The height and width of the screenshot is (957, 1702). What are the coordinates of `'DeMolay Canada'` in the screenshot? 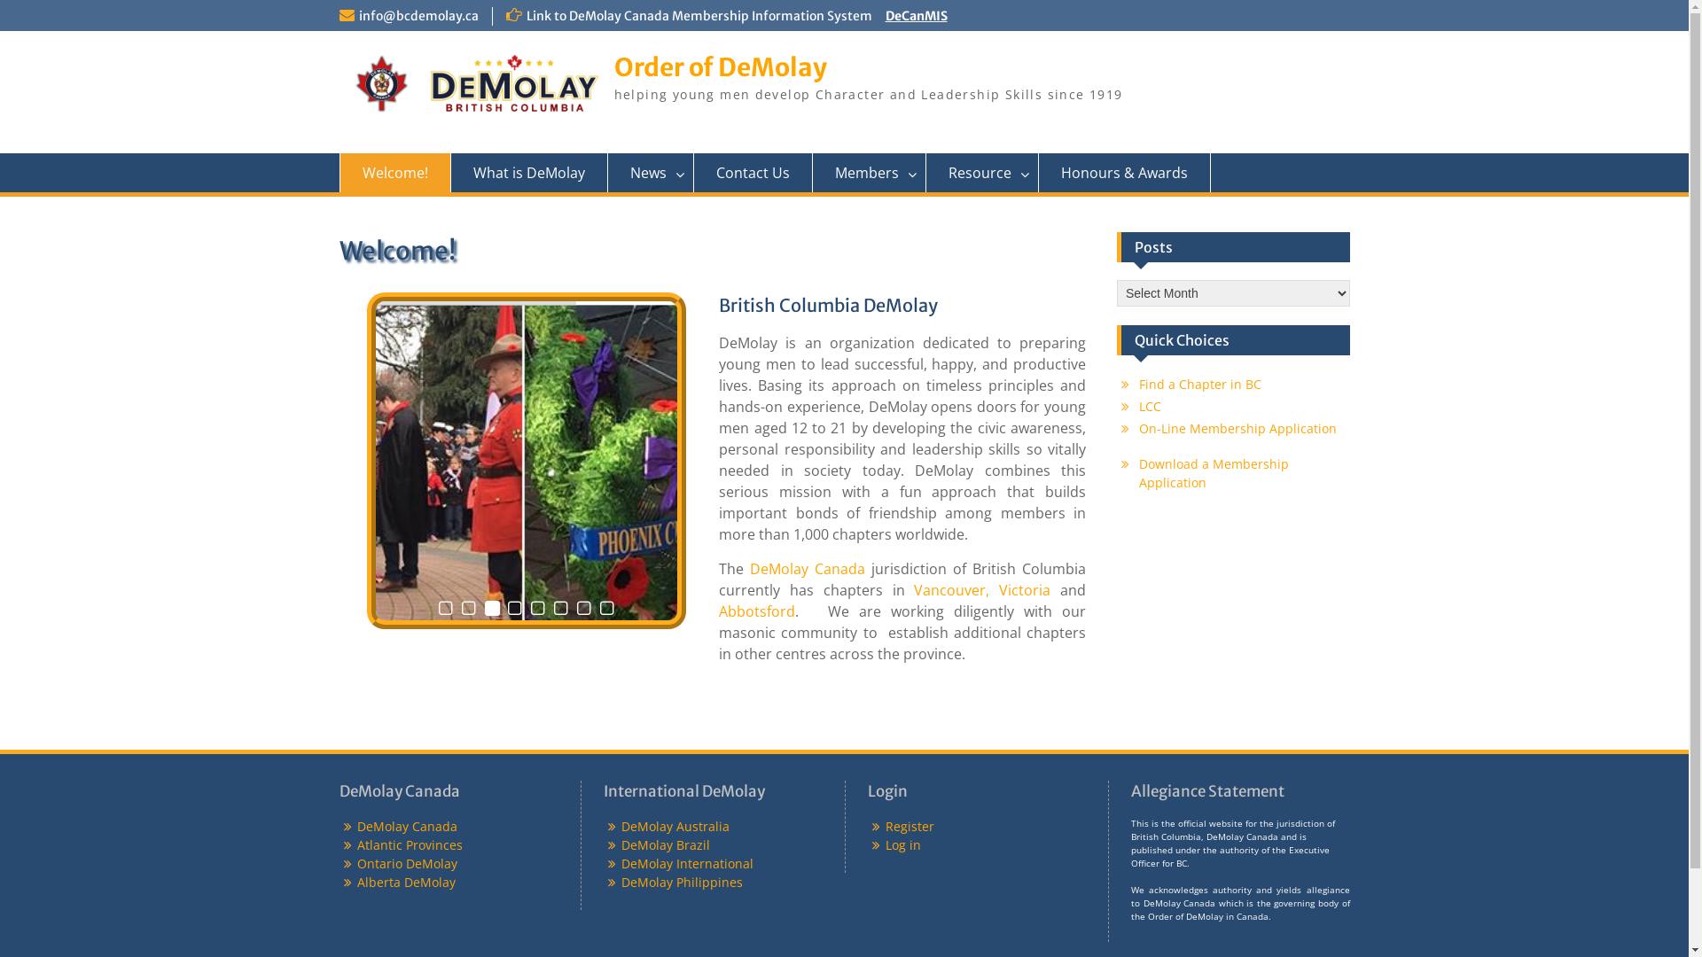 It's located at (807, 568).